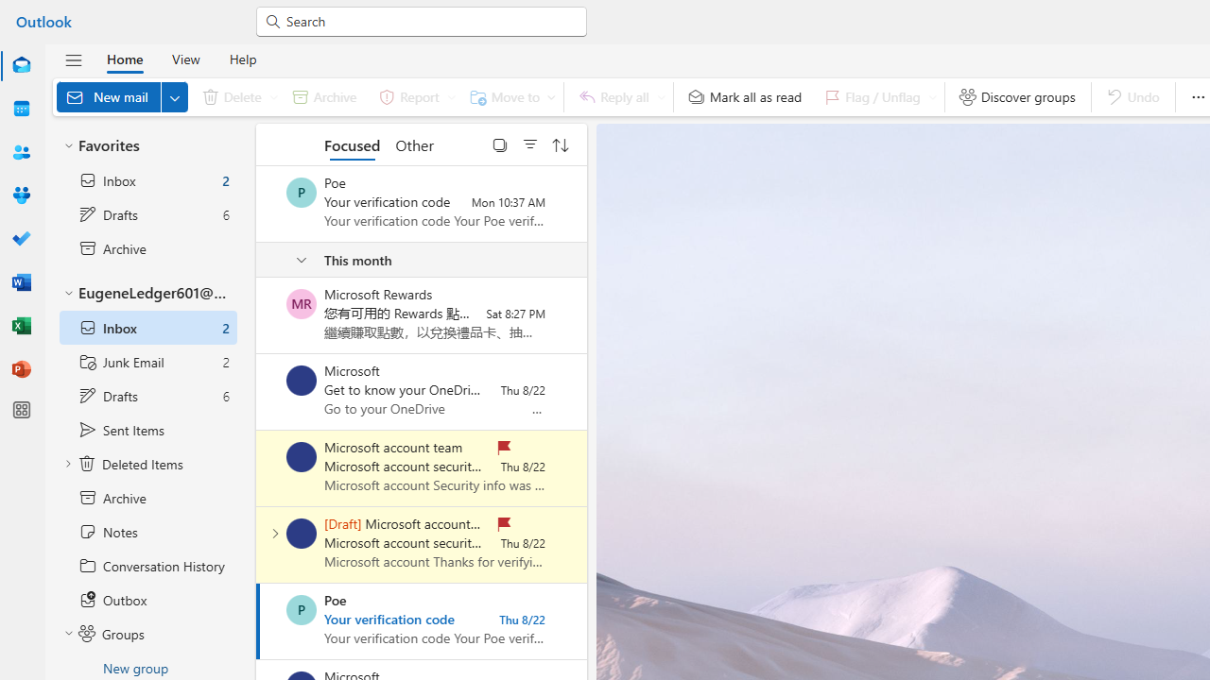 The image size is (1210, 680). What do you see at coordinates (932, 96) in the screenshot?
I see `'Expand to see flag options'` at bounding box center [932, 96].